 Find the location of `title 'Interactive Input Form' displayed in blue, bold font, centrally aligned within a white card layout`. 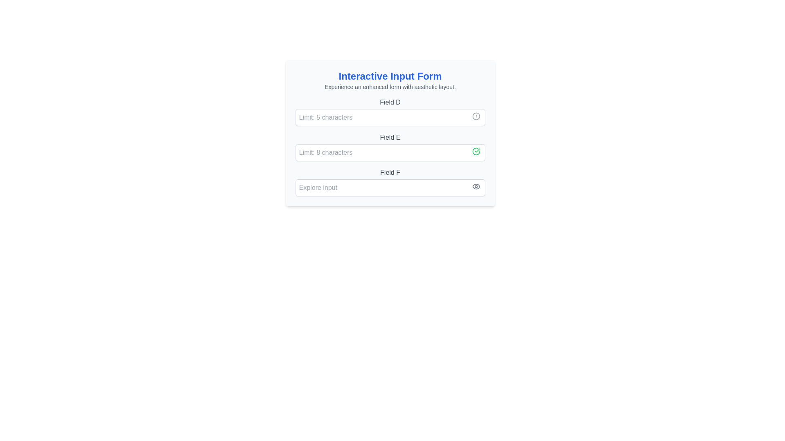

title 'Interactive Input Form' displayed in blue, bold font, centrally aligned within a white card layout is located at coordinates (390, 76).